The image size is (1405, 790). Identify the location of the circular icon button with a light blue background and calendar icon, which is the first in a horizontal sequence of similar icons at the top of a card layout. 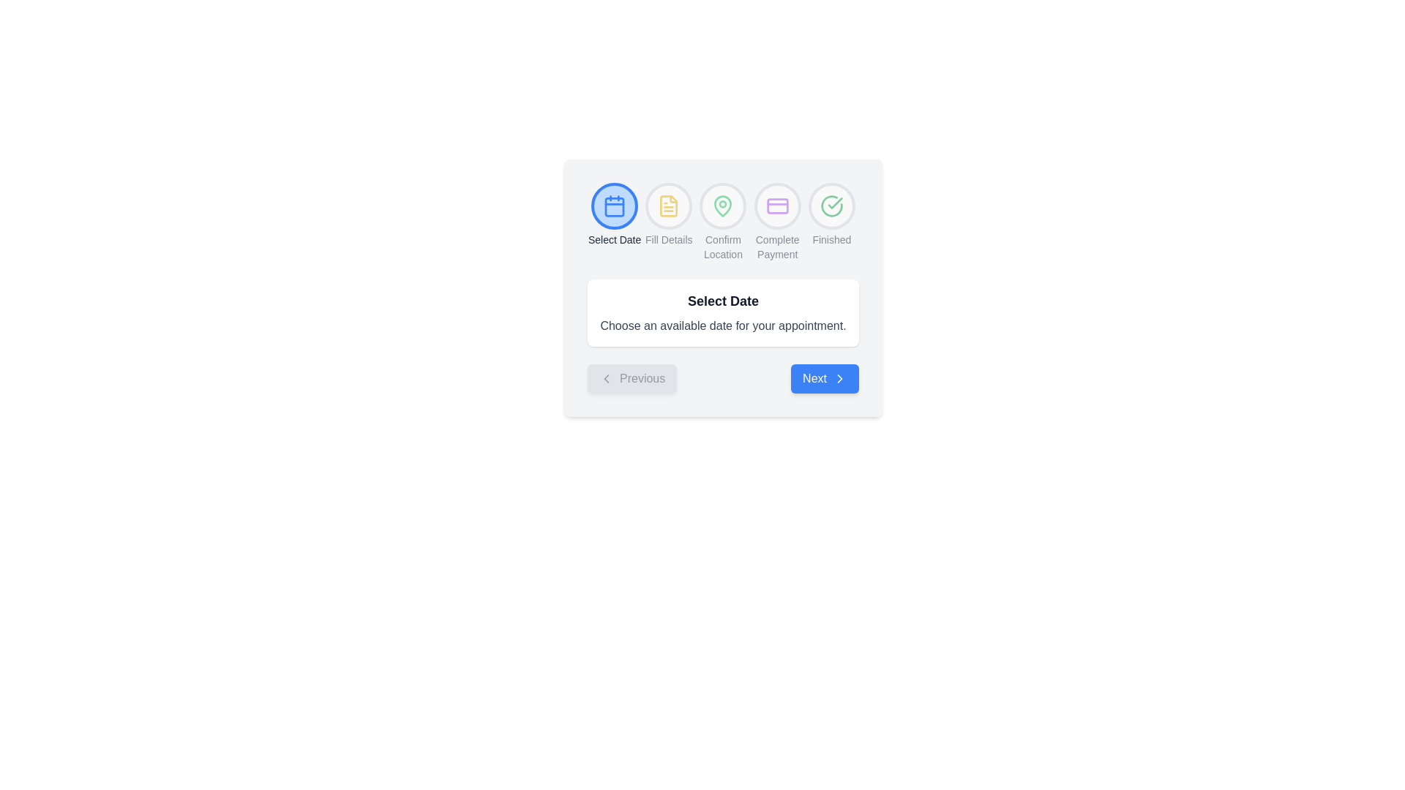
(615, 206).